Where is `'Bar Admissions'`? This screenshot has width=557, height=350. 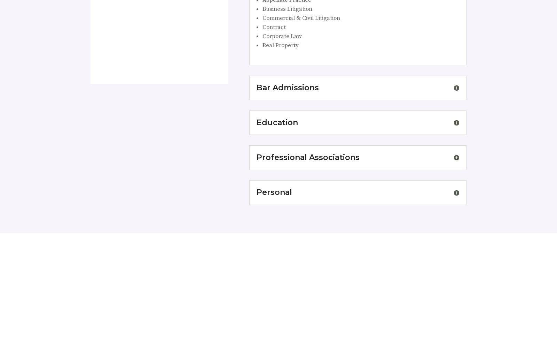
'Bar Admissions' is located at coordinates (287, 87).